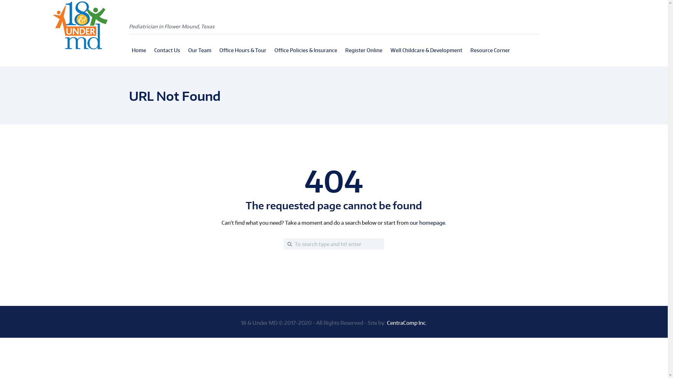 Image resolution: width=673 pixels, height=378 pixels. Describe the element at coordinates (305, 50) in the screenshot. I see `'Office Policies & Insurance'` at that location.